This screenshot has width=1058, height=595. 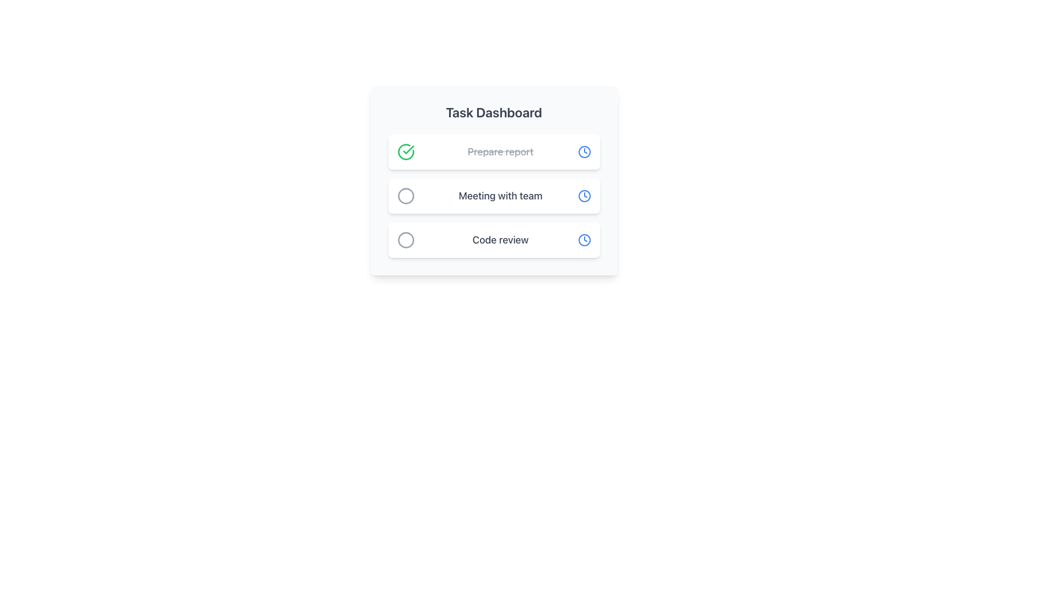 I want to click on the 'Meeting with team' task card located, so click(x=493, y=195).